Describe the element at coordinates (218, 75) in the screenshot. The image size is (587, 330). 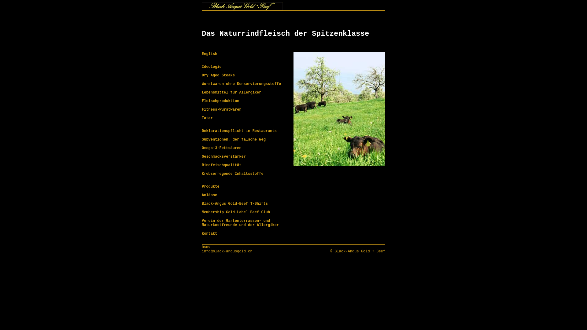
I see `'Dry Aged Steaks'` at that location.